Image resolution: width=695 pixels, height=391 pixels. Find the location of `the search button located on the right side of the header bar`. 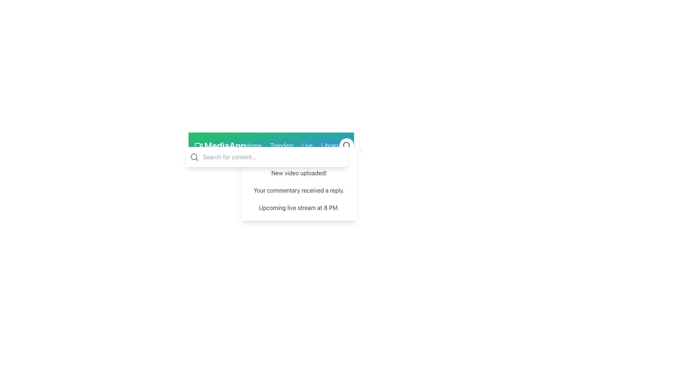

the search button located on the right side of the header bar is located at coordinates (346, 145).